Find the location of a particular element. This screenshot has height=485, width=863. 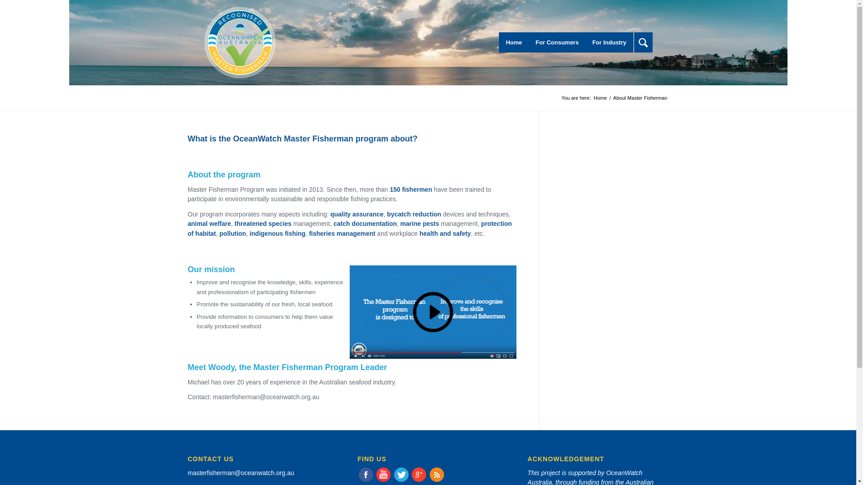

'masterfisherman@oceanwatch.org.au' is located at coordinates (241, 472).